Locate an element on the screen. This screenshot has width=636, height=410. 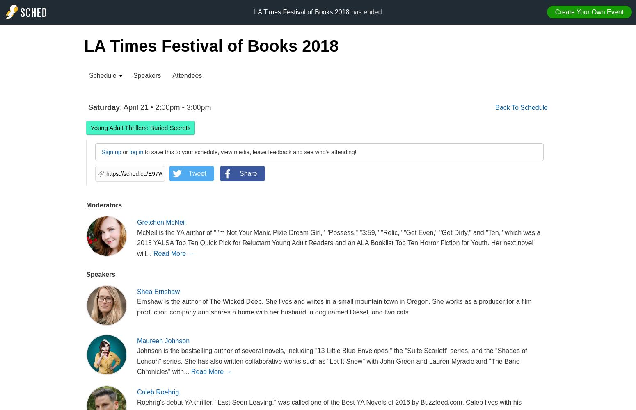
'Maureen Johnson' is located at coordinates (163, 340).